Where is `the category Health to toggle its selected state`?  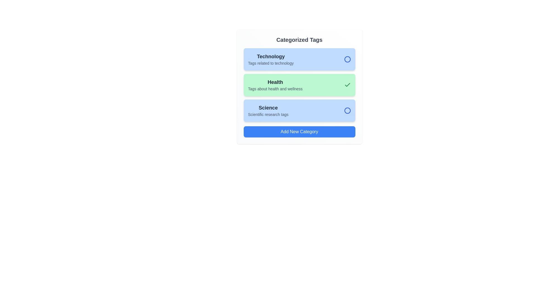
the category Health to toggle its selected state is located at coordinates (299, 85).